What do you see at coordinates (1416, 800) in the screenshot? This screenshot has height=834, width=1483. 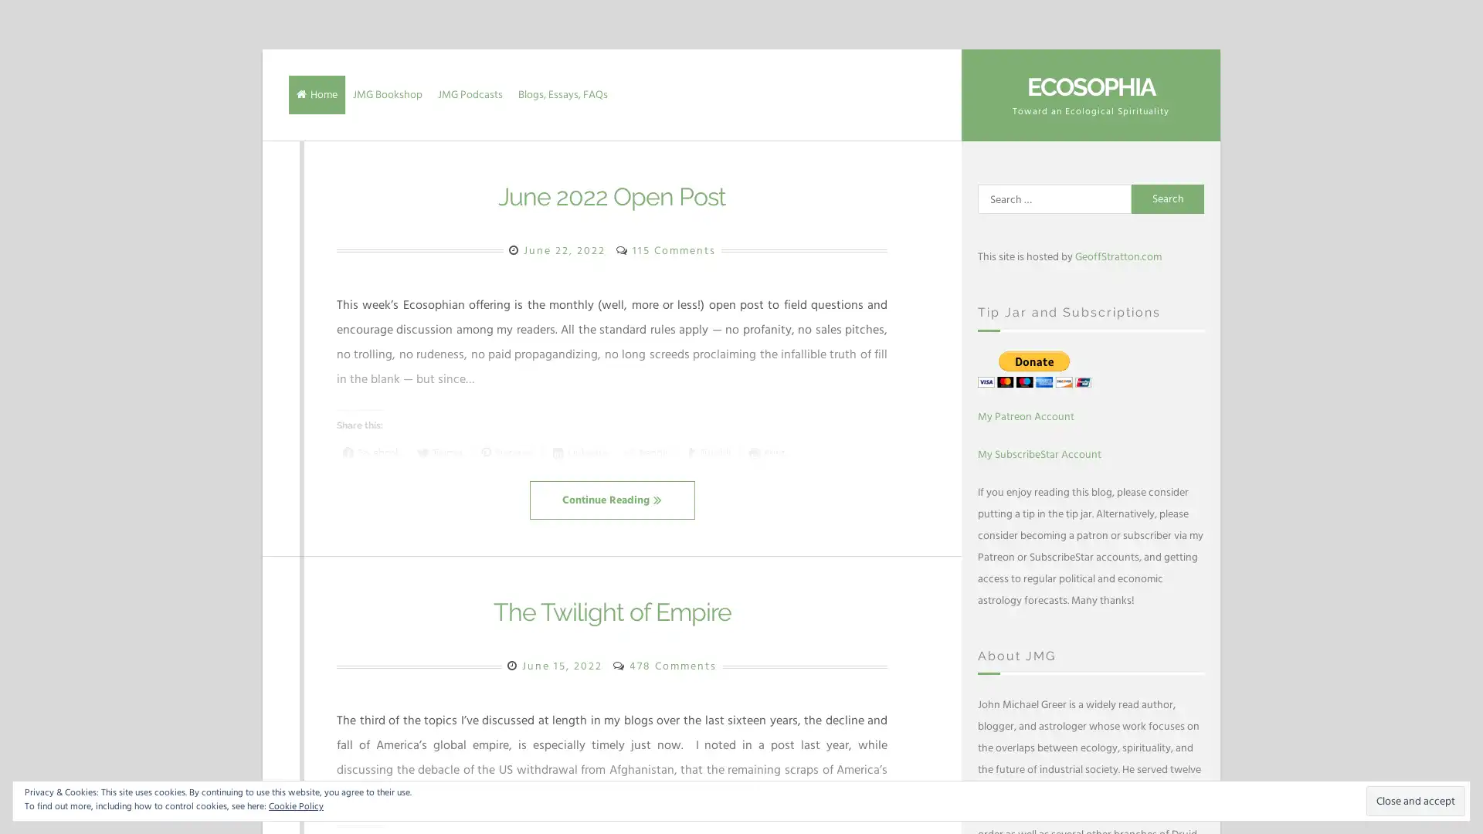 I see `Close and accept` at bounding box center [1416, 800].